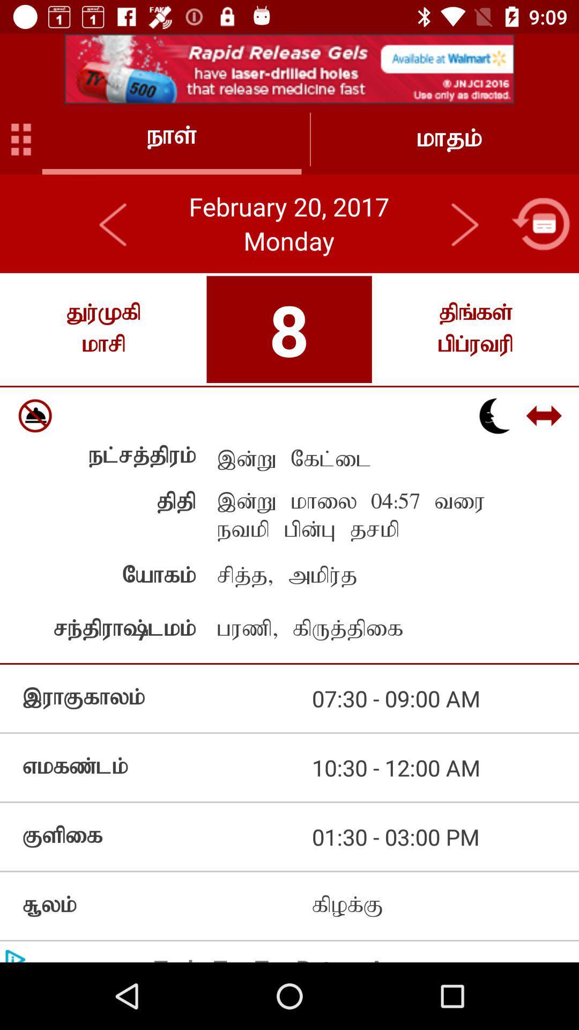 This screenshot has width=579, height=1030. What do you see at coordinates (114, 223) in the screenshot?
I see `the arrow_backward icon` at bounding box center [114, 223].